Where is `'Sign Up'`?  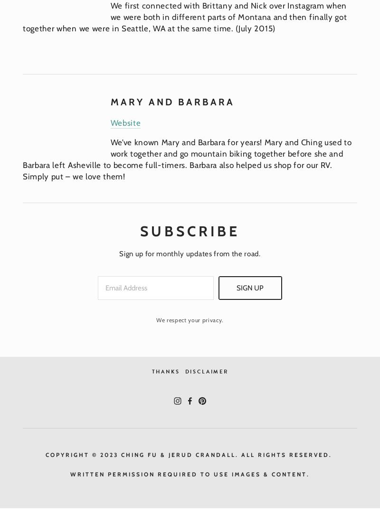 'Sign Up' is located at coordinates (249, 288).